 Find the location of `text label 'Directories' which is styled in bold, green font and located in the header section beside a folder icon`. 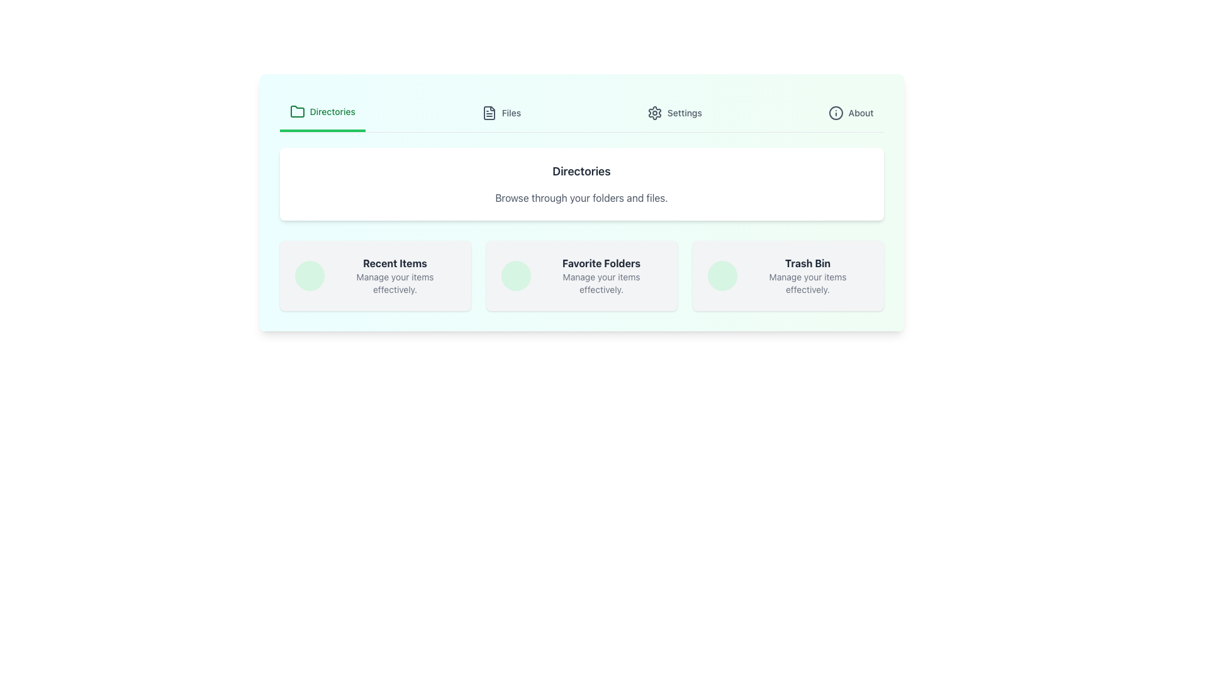

text label 'Directories' which is styled in bold, green font and located in the header section beside a folder icon is located at coordinates (332, 111).